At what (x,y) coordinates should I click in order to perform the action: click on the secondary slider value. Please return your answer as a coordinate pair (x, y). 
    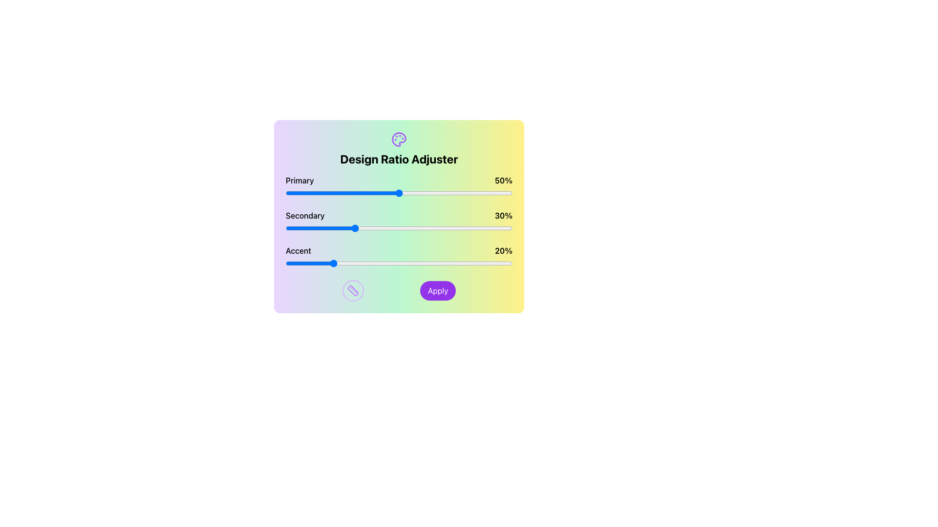
    Looking at the image, I should click on (303, 228).